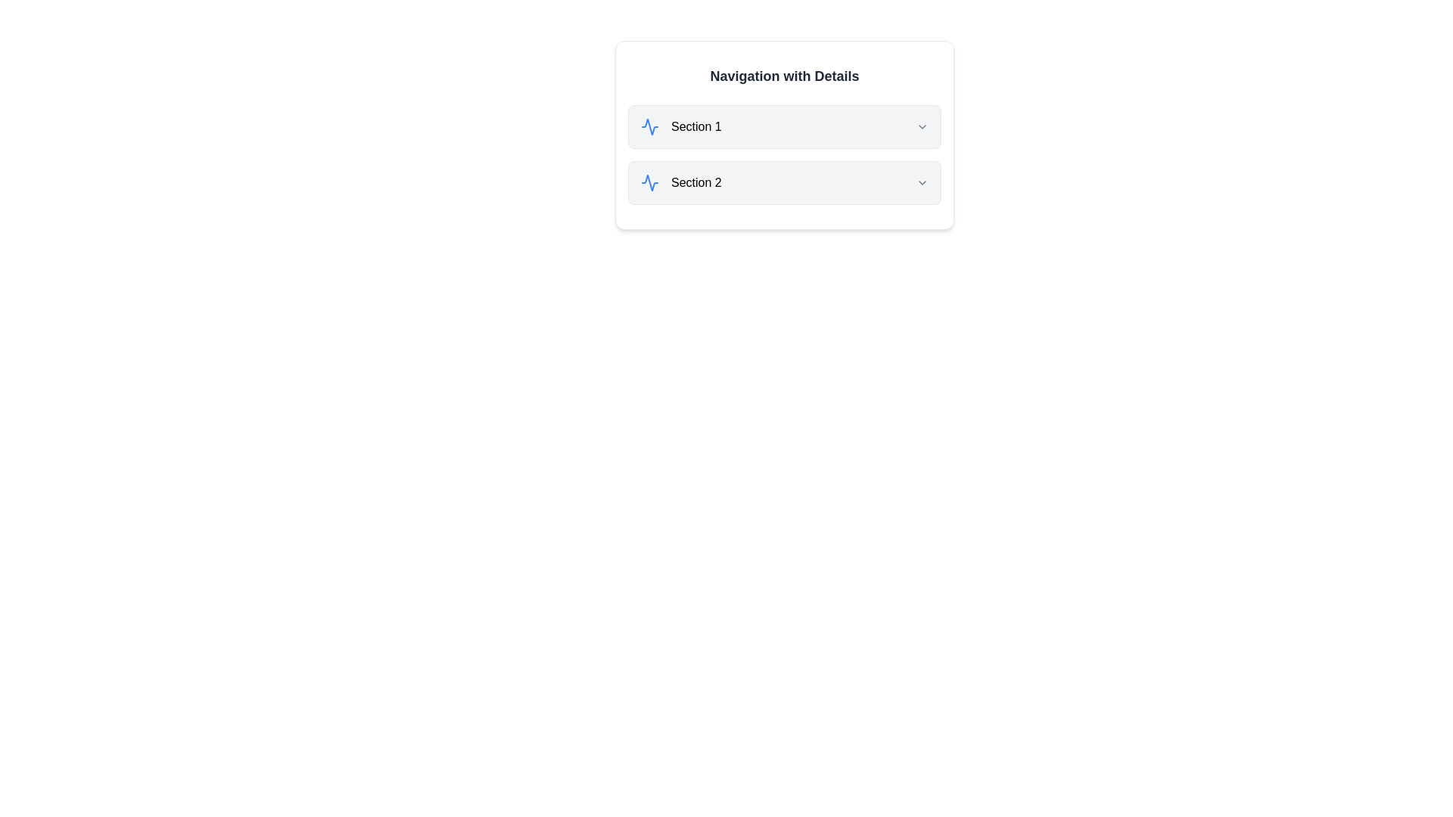 Image resolution: width=1453 pixels, height=817 pixels. What do you see at coordinates (922, 182) in the screenshot?
I see `the Dropdown indicator icon located to the far right of the 'Section 2' text` at bounding box center [922, 182].